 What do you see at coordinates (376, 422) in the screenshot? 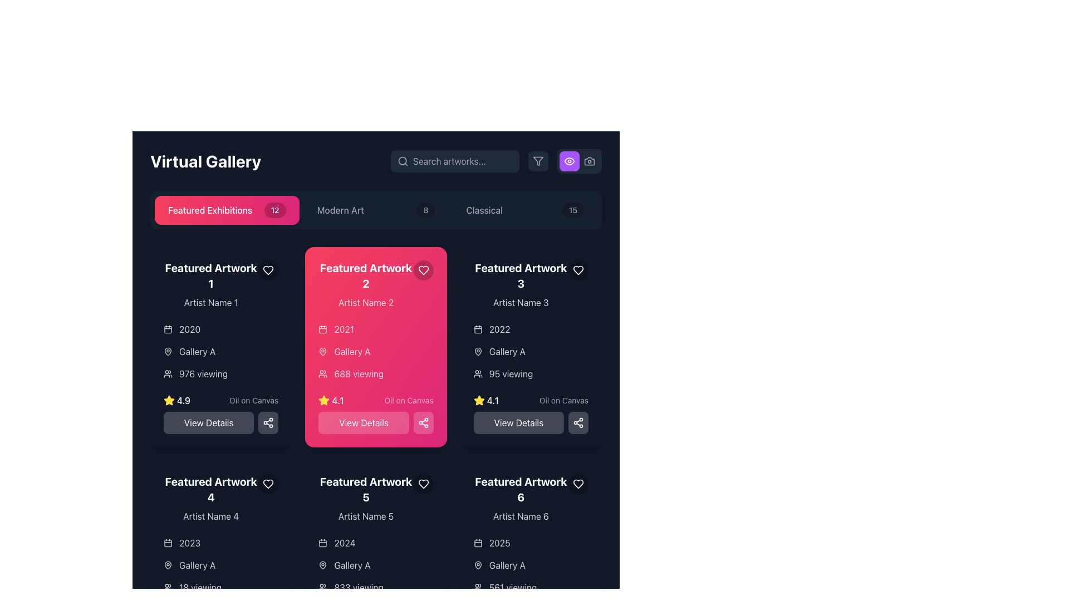
I see `the button located at the bottom of the 'Featured Artwork 2' card` at bounding box center [376, 422].